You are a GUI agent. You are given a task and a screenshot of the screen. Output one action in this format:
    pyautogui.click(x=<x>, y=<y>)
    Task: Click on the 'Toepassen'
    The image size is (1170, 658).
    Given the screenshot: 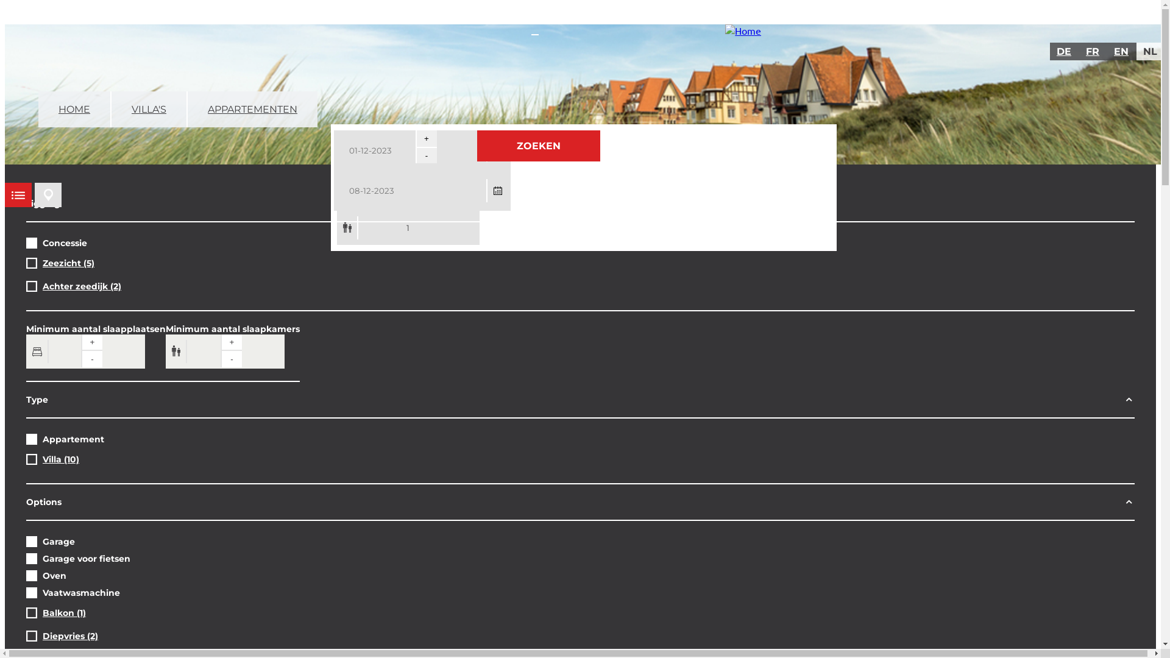 What is the action you would take?
    pyautogui.click(x=39, y=16)
    